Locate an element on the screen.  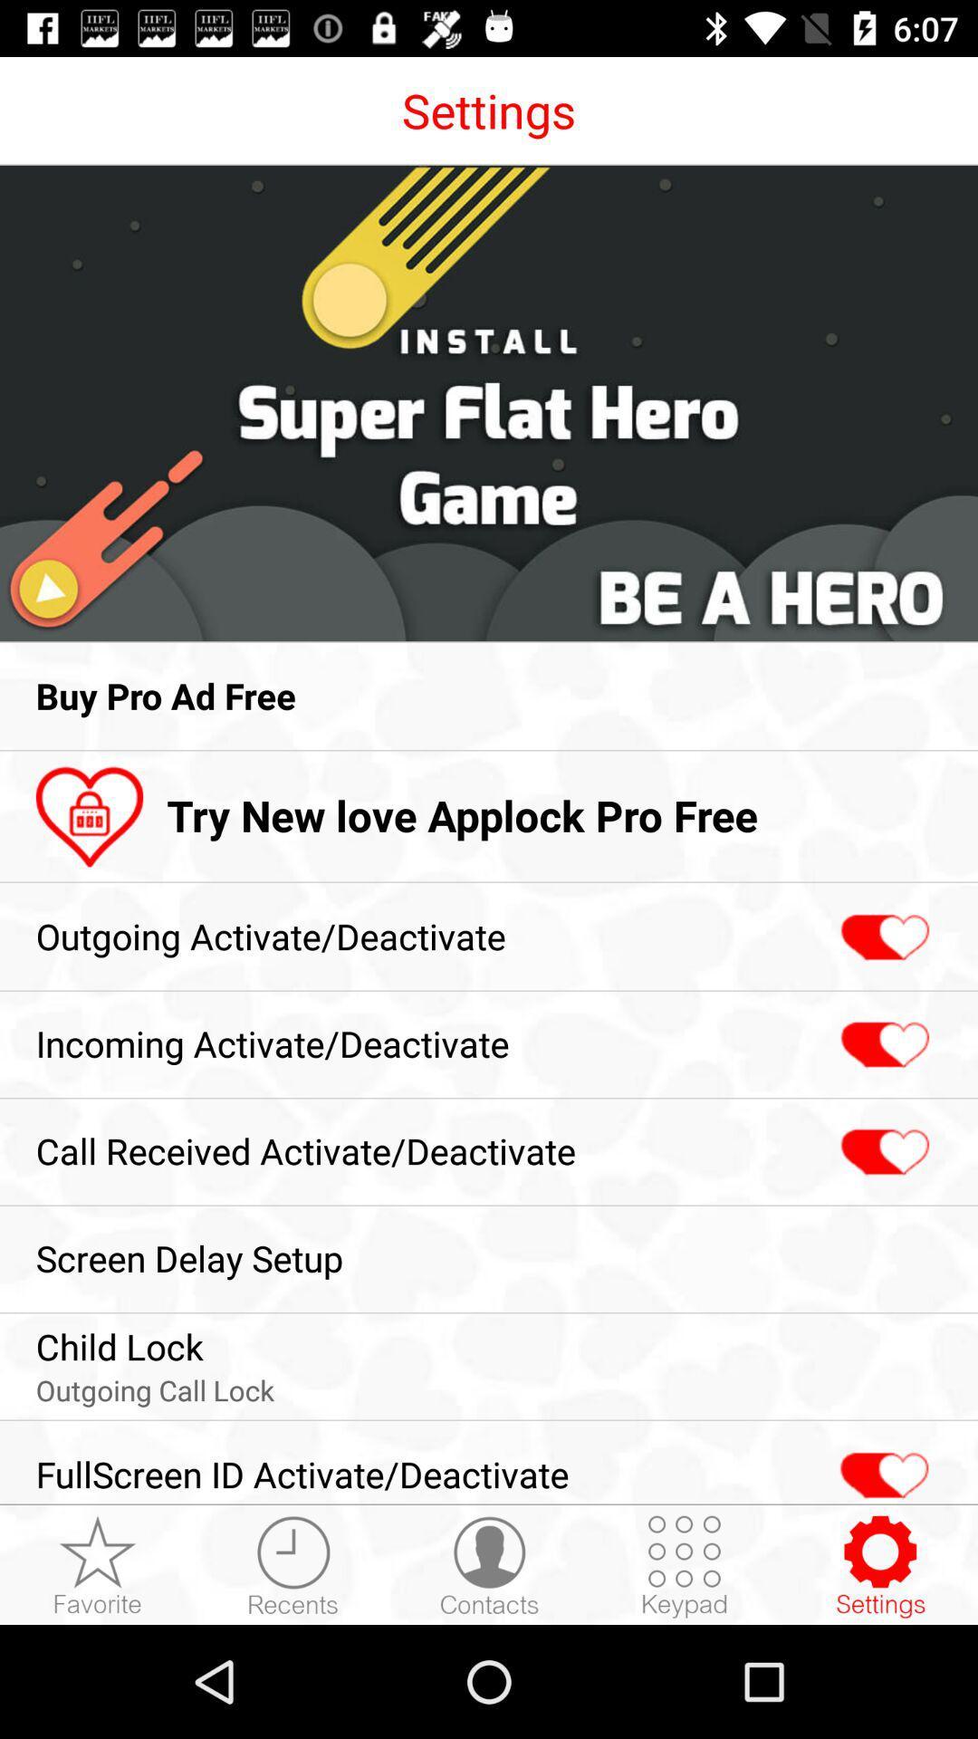
the favorite icon is located at coordinates (881, 1465).